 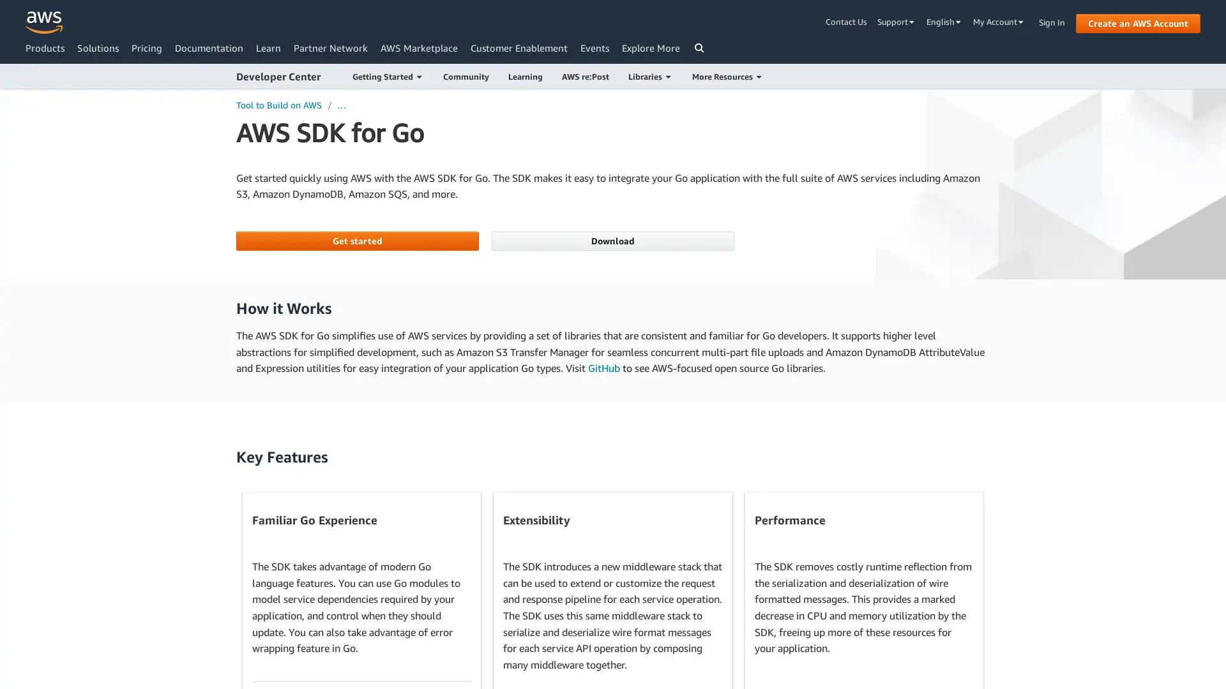 I want to click on Download, so click(x=612, y=241).